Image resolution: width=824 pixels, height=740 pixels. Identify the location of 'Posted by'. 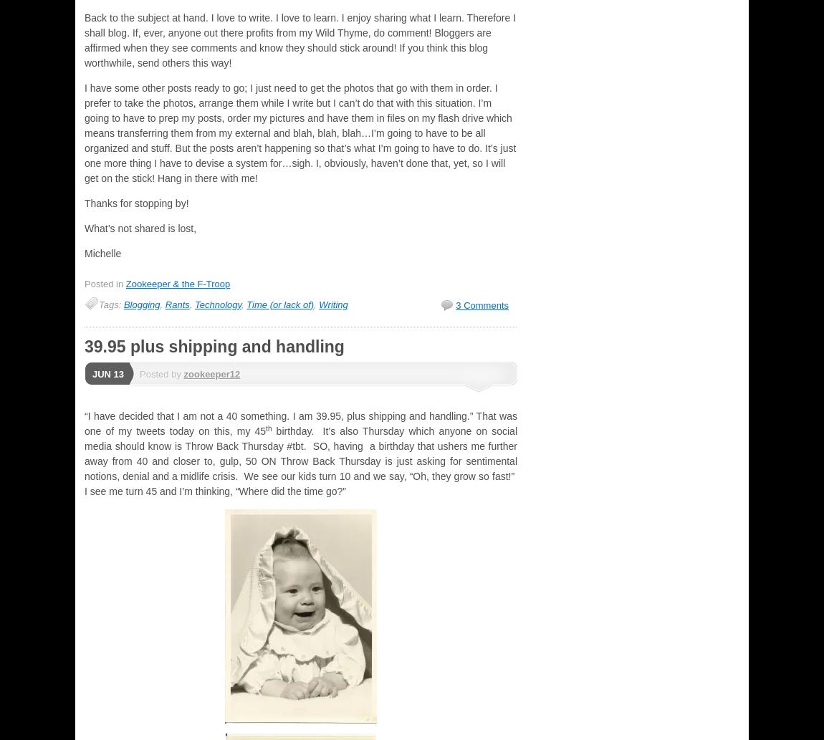
(161, 373).